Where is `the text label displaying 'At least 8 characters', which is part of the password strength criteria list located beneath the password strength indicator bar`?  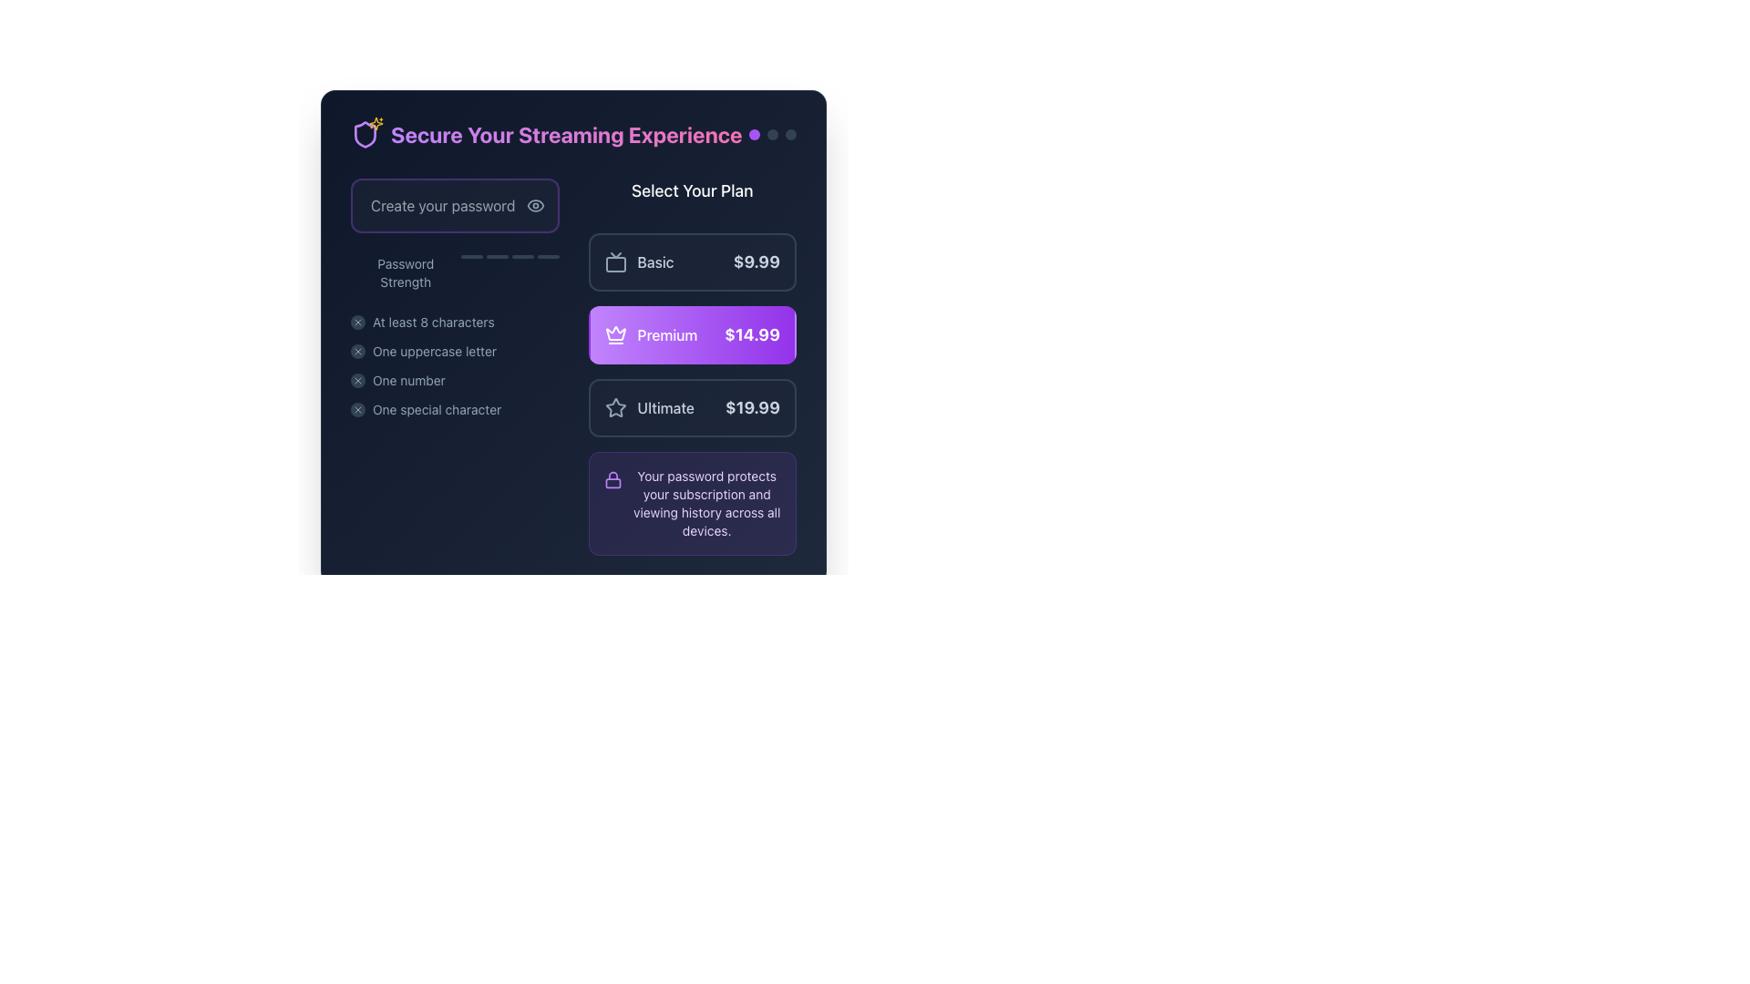
the text label displaying 'At least 8 characters', which is part of the password strength criteria list located beneath the password strength indicator bar is located at coordinates (432, 322).